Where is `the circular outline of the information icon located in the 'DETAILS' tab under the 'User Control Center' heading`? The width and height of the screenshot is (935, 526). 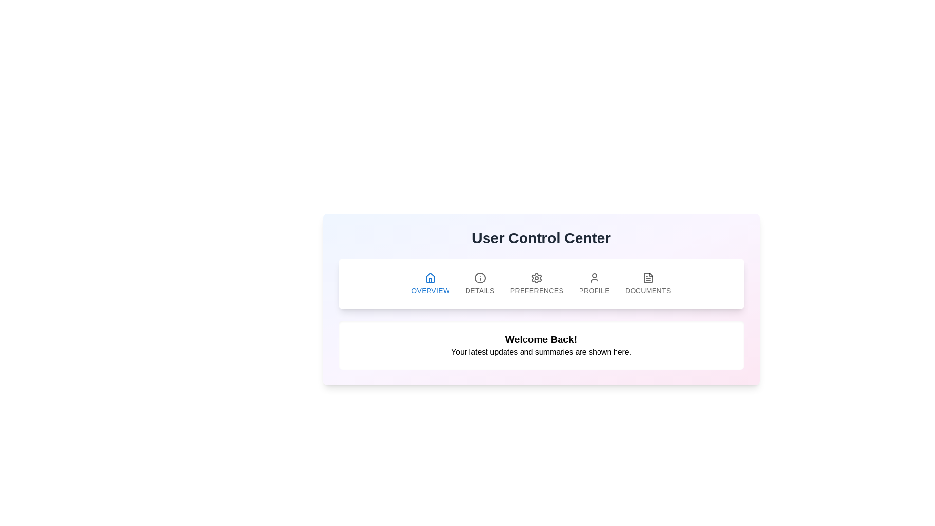
the circular outline of the information icon located in the 'DETAILS' tab under the 'User Control Center' heading is located at coordinates (480, 278).